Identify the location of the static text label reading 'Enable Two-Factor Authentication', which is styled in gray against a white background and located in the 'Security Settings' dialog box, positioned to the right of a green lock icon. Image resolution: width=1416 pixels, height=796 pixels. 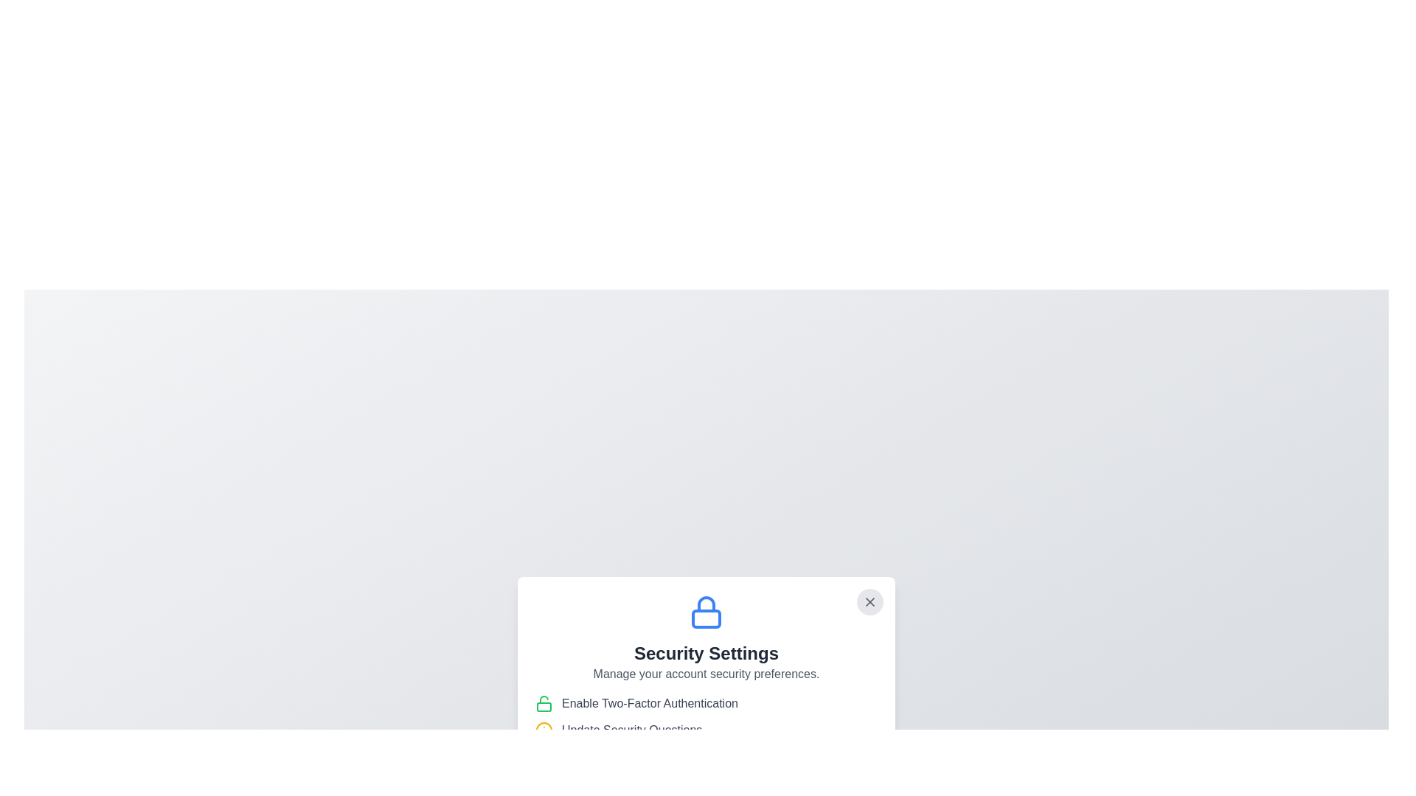
(649, 703).